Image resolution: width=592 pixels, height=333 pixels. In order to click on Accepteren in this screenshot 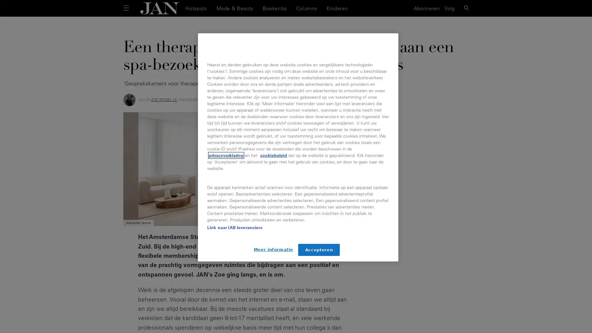, I will do `click(319, 250)`.